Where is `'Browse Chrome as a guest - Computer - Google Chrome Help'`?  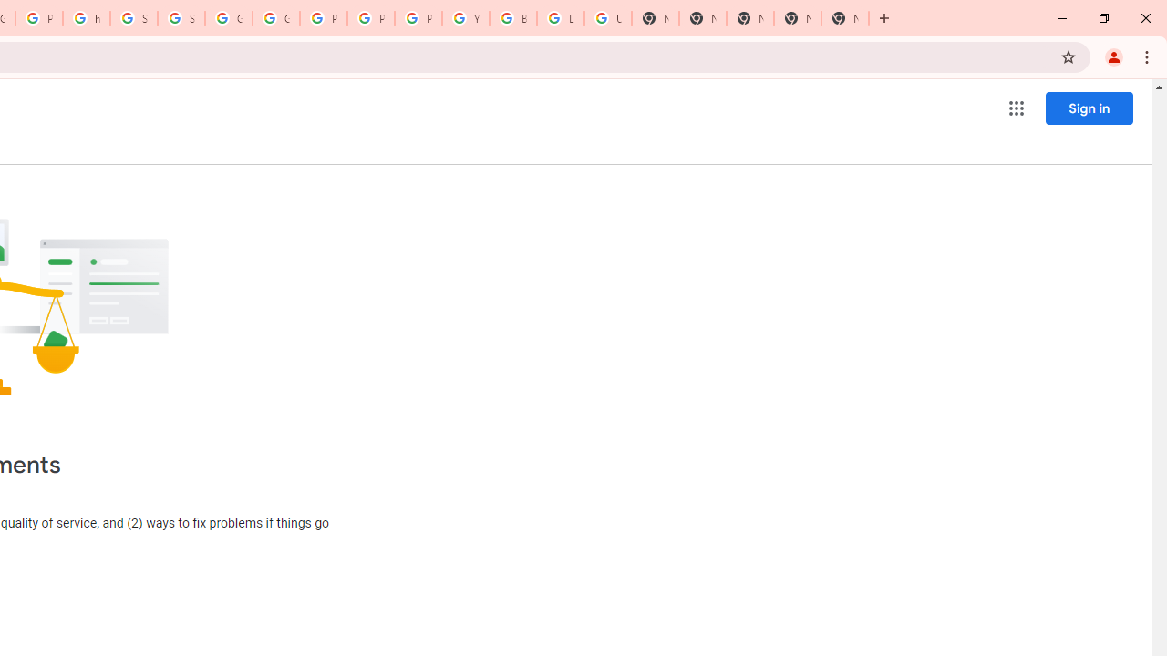 'Browse Chrome as a guest - Computer - Google Chrome Help' is located at coordinates (511, 18).